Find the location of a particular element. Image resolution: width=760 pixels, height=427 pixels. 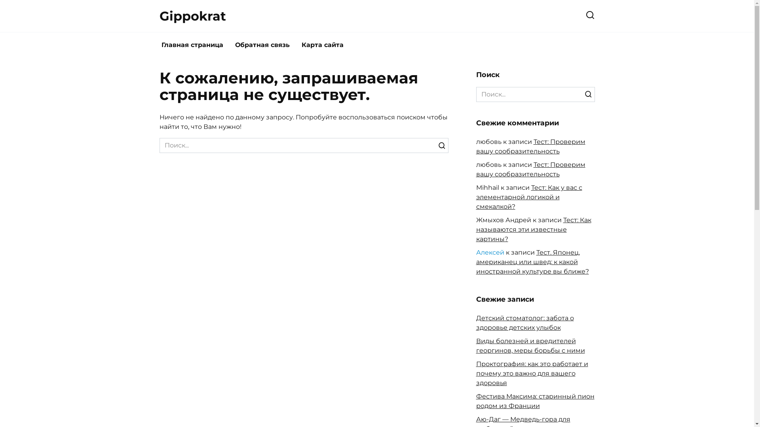

'Gippokrat' is located at coordinates (192, 16).